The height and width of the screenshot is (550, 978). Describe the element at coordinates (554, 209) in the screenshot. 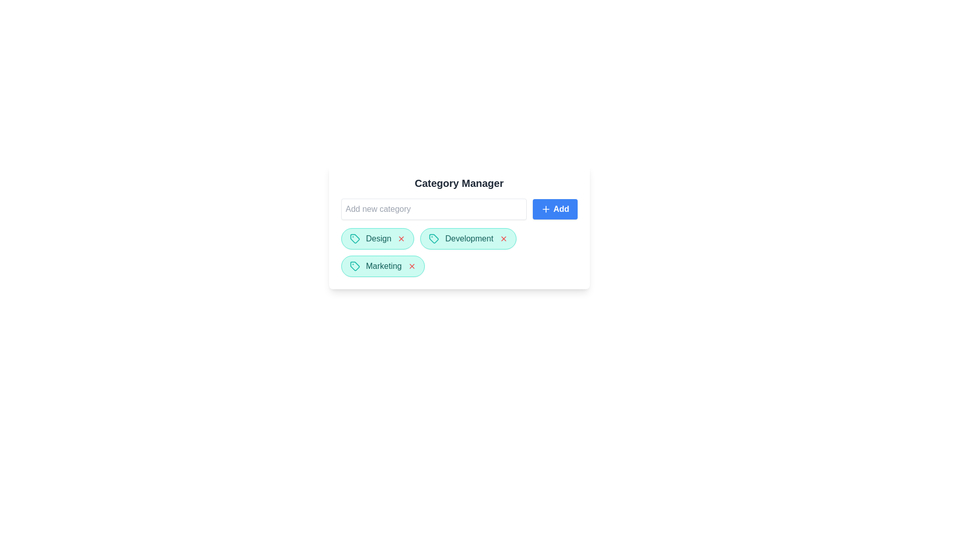

I see `the 'Add' button to add a new category` at that location.